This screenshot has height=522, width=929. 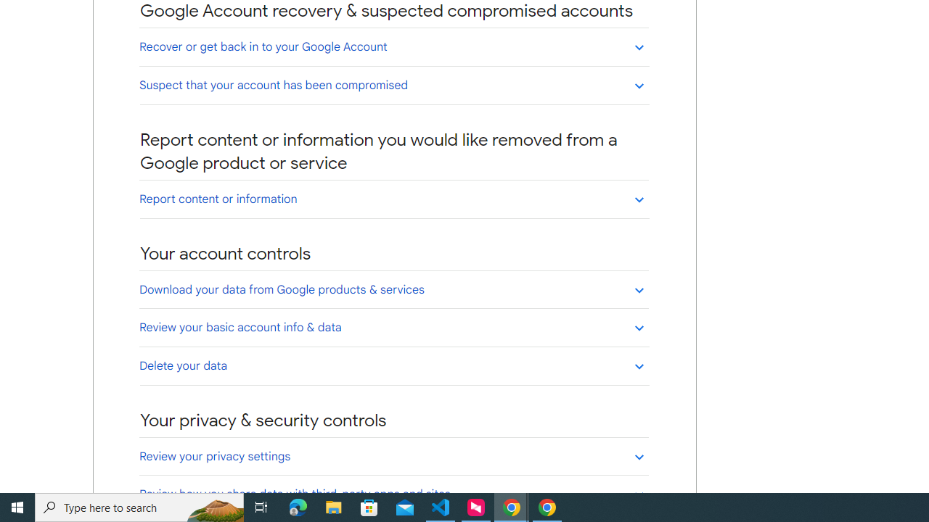 What do you see at coordinates (393, 199) in the screenshot?
I see `'Report content or information'` at bounding box center [393, 199].